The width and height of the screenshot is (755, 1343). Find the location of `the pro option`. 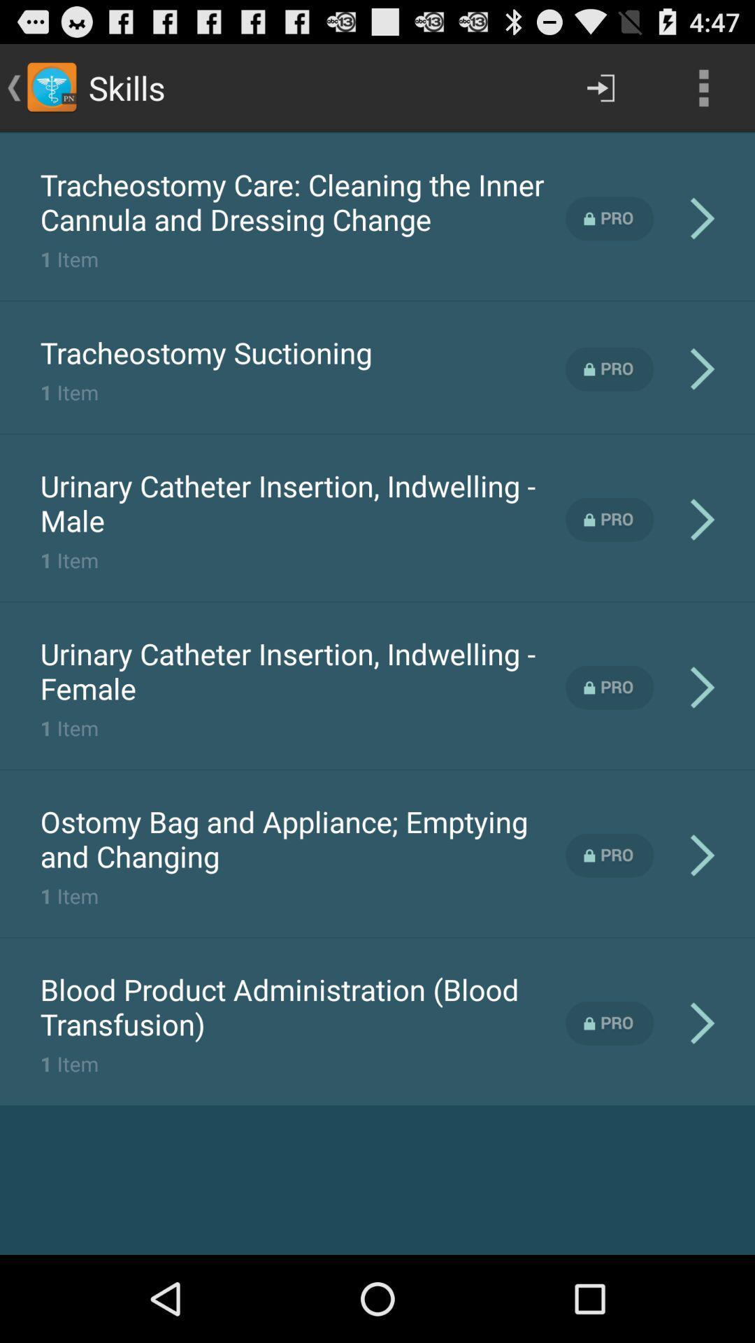

the pro option is located at coordinates (609, 1023).